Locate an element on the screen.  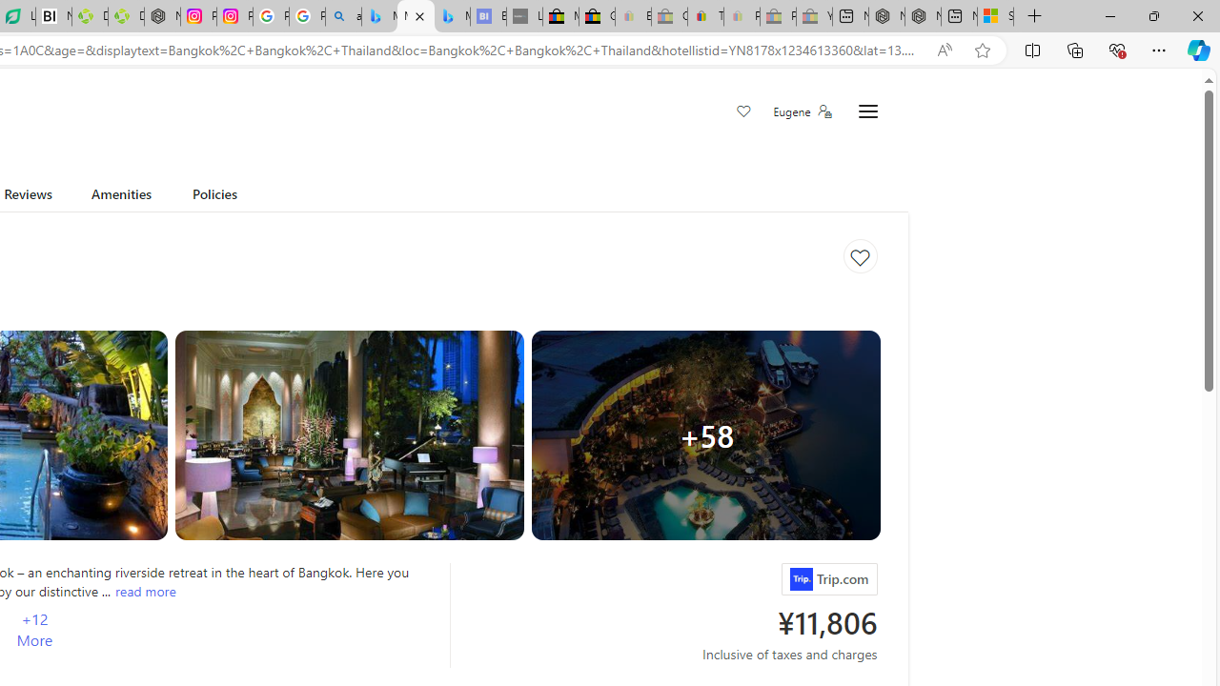
'Nordace - Summer Adventures 2024' is located at coordinates (923, 16).